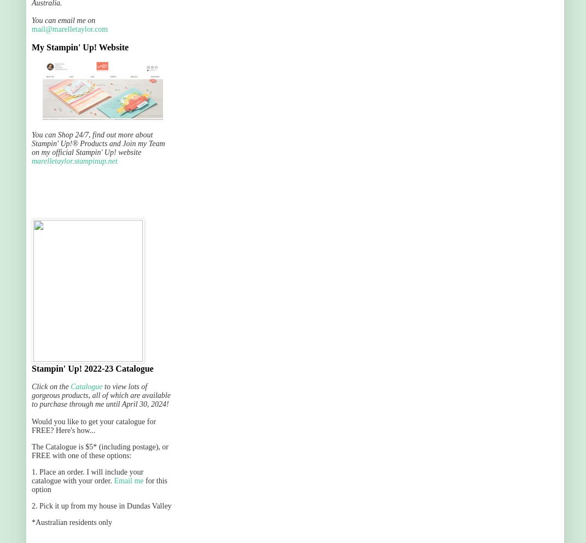 The height and width of the screenshot is (543, 586). Describe the element at coordinates (92, 368) in the screenshot. I see `'Stampin' Up! 2022-23 Catalogue'` at that location.